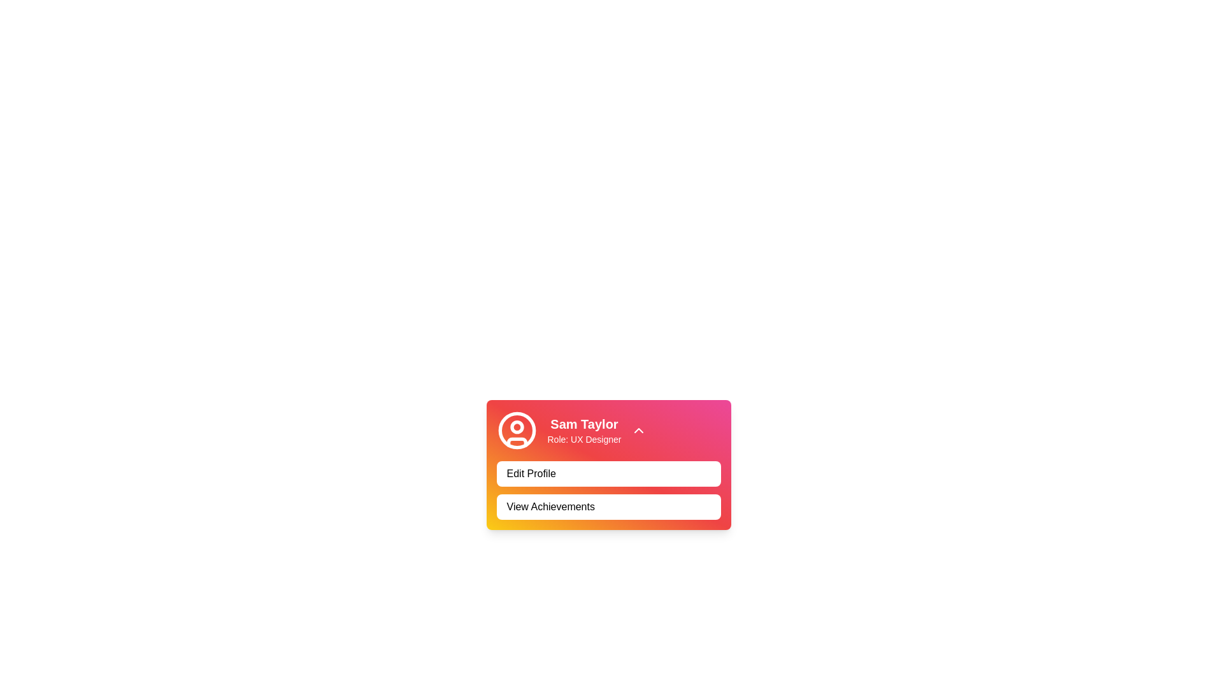 Image resolution: width=1223 pixels, height=688 pixels. Describe the element at coordinates (517, 430) in the screenshot. I see `the central circular SVG element of the user profile icon, which features a white stroke and transparent fill, located to the left of the username 'Sam Taylor'` at that location.